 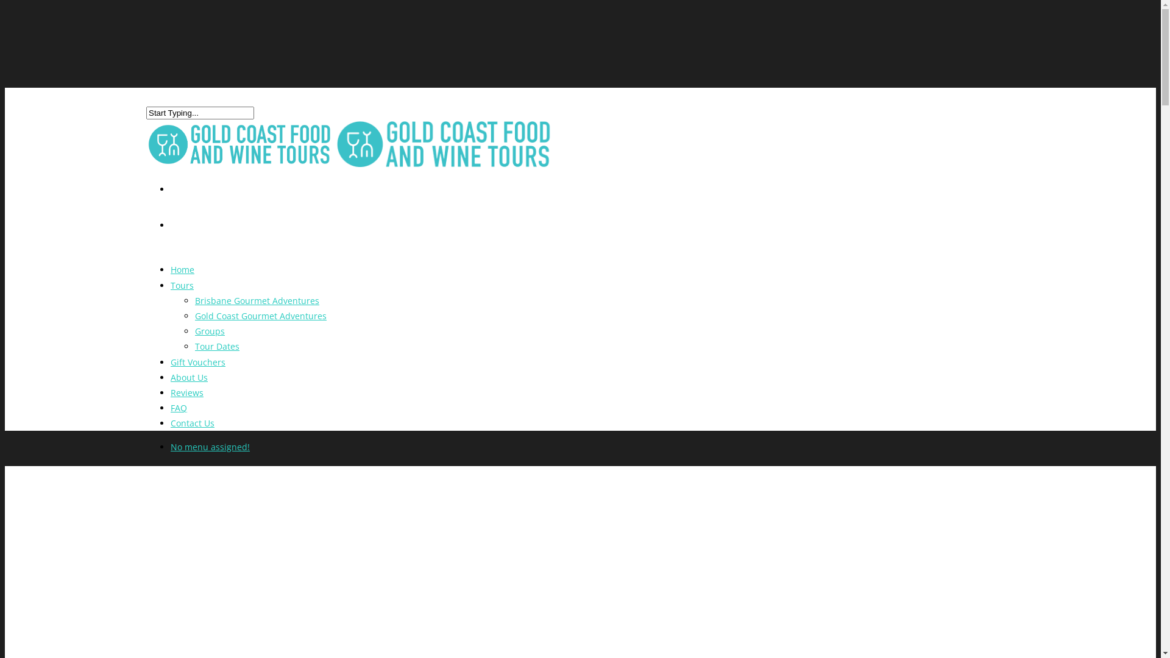 I want to click on 'Tours', so click(x=181, y=294).